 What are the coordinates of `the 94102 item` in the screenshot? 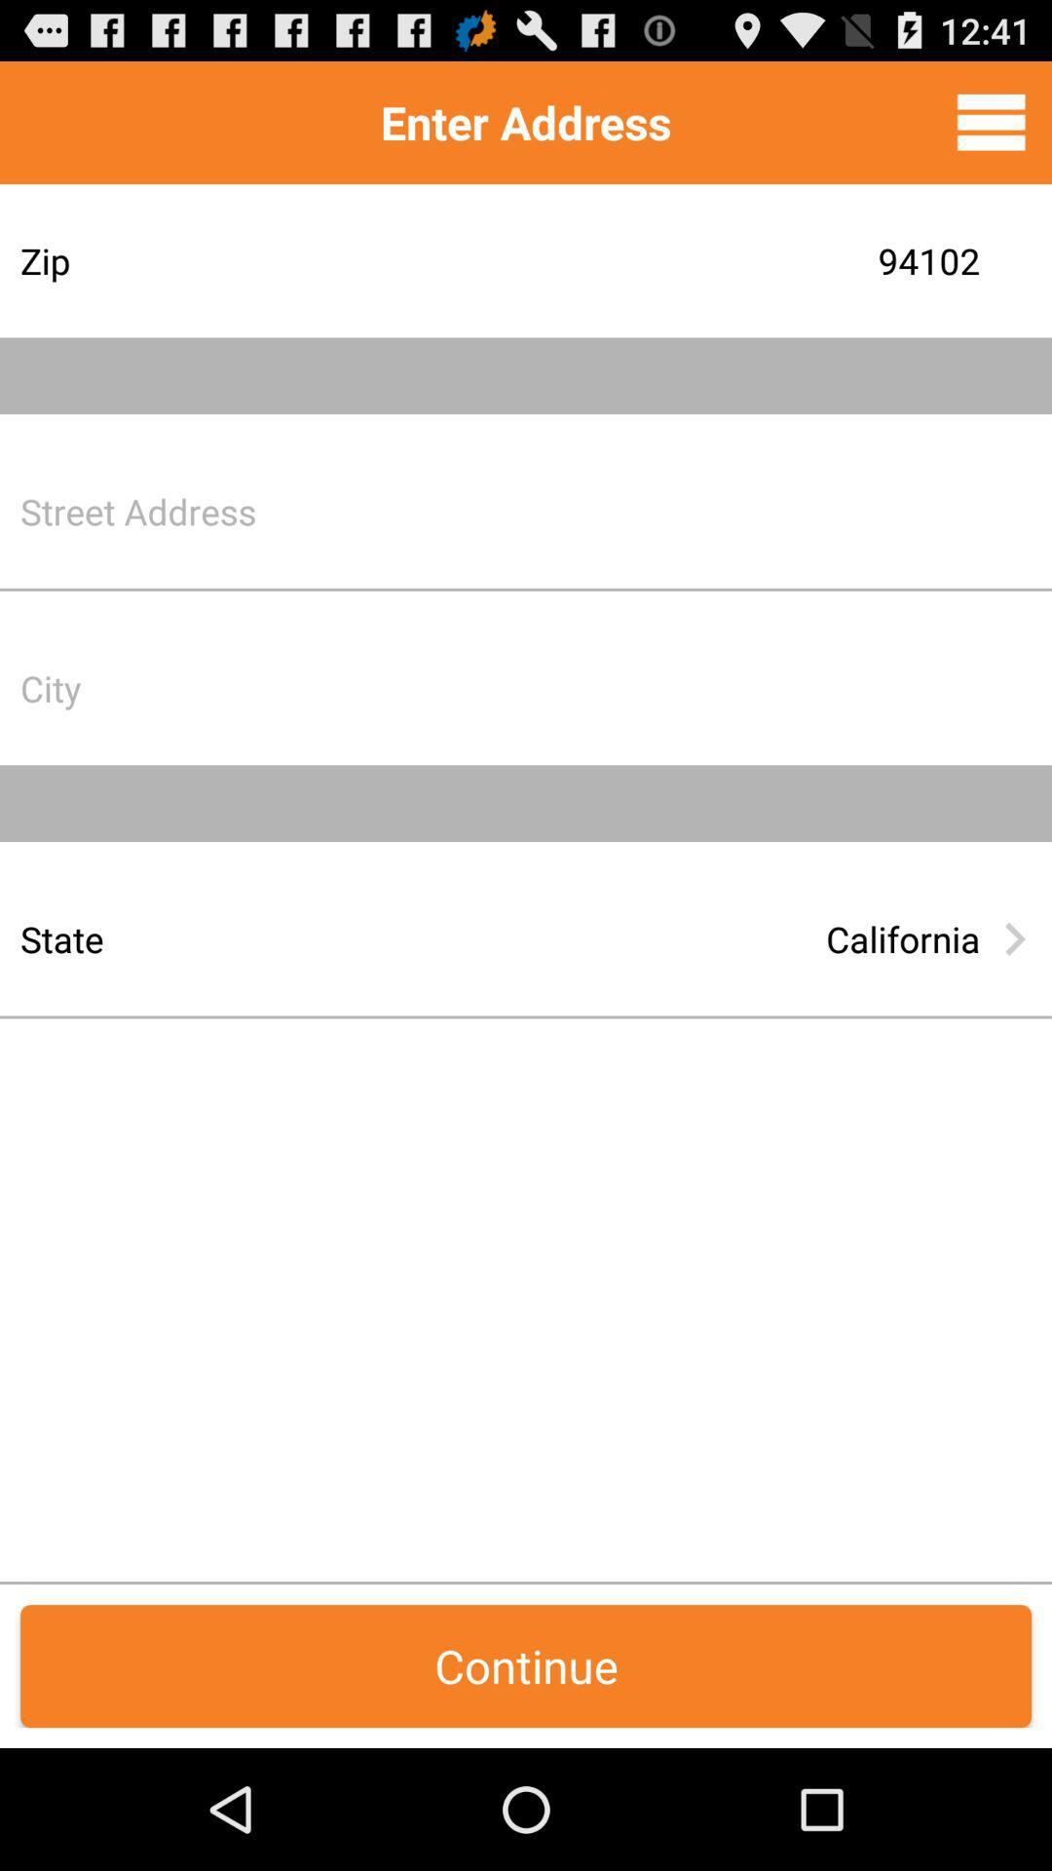 It's located at (676, 259).